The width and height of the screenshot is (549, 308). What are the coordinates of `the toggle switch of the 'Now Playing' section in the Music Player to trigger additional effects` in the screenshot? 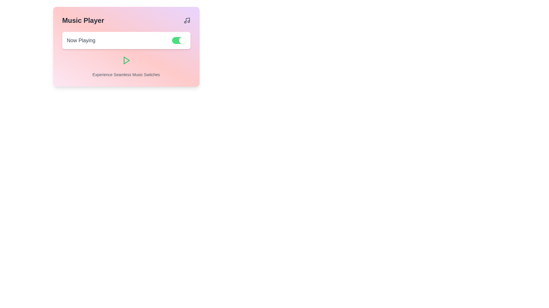 It's located at (126, 40).